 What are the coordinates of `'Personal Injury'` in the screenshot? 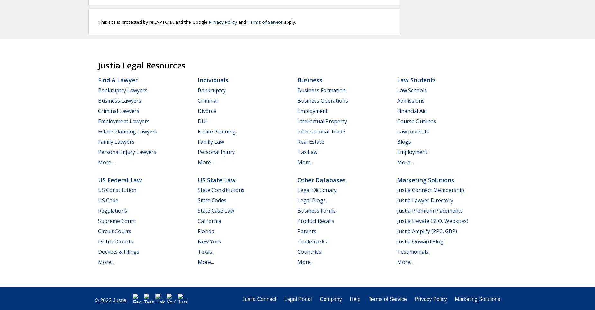 It's located at (216, 151).